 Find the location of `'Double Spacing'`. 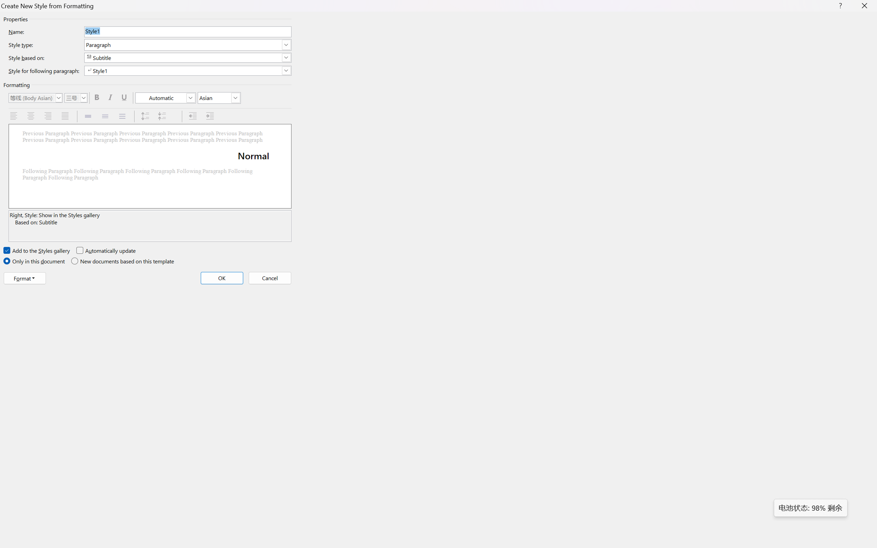

'Double Spacing' is located at coordinates (123, 116).